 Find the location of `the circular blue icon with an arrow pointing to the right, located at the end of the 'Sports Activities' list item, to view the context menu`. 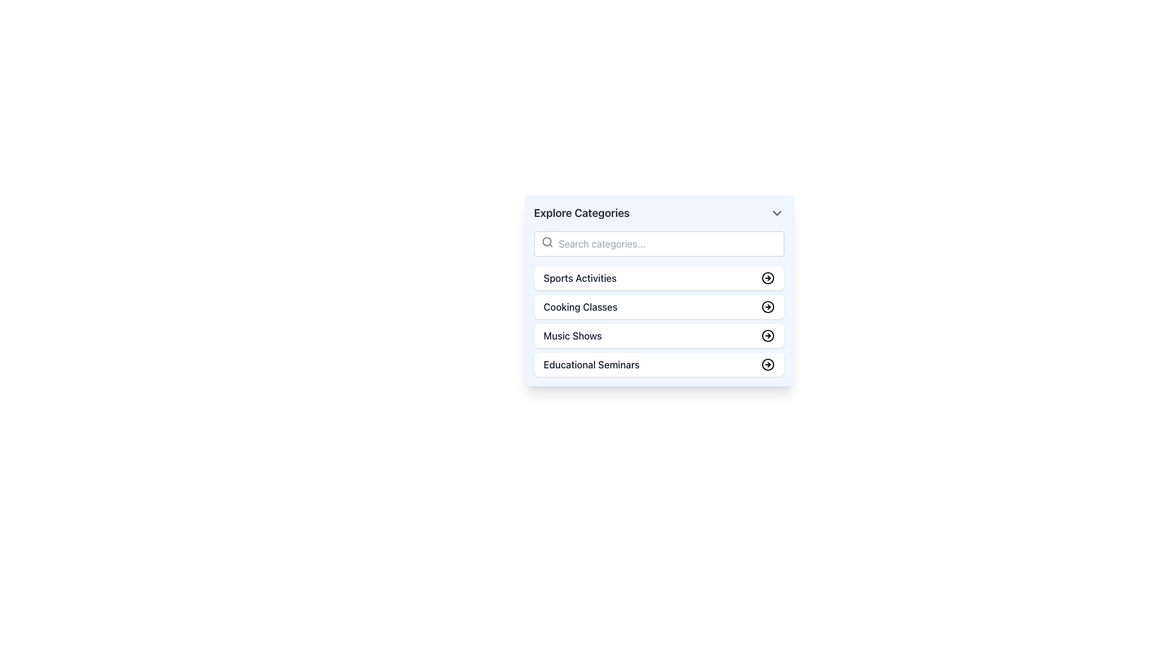

the circular blue icon with an arrow pointing to the right, located at the end of the 'Sports Activities' list item, to view the context menu is located at coordinates (767, 278).